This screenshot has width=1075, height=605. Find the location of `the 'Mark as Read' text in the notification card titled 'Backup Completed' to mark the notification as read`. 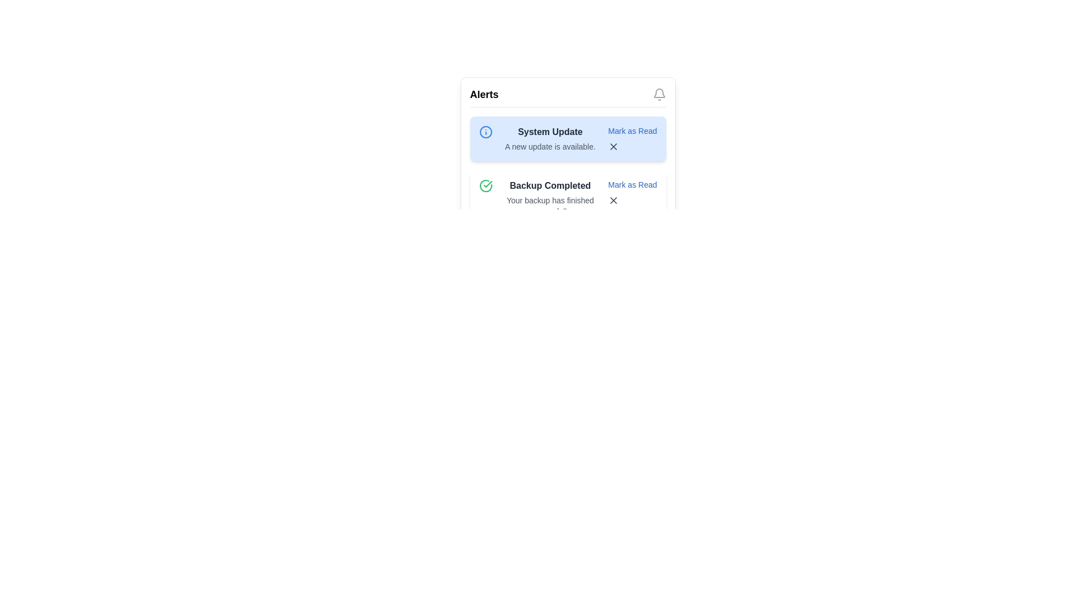

the 'Mark as Read' text in the notification card titled 'Backup Completed' to mark the notification as read is located at coordinates (568, 198).